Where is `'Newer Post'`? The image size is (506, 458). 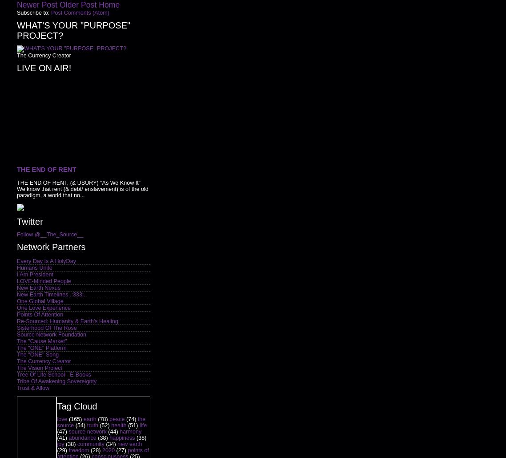
'Newer Post' is located at coordinates (36, 5).